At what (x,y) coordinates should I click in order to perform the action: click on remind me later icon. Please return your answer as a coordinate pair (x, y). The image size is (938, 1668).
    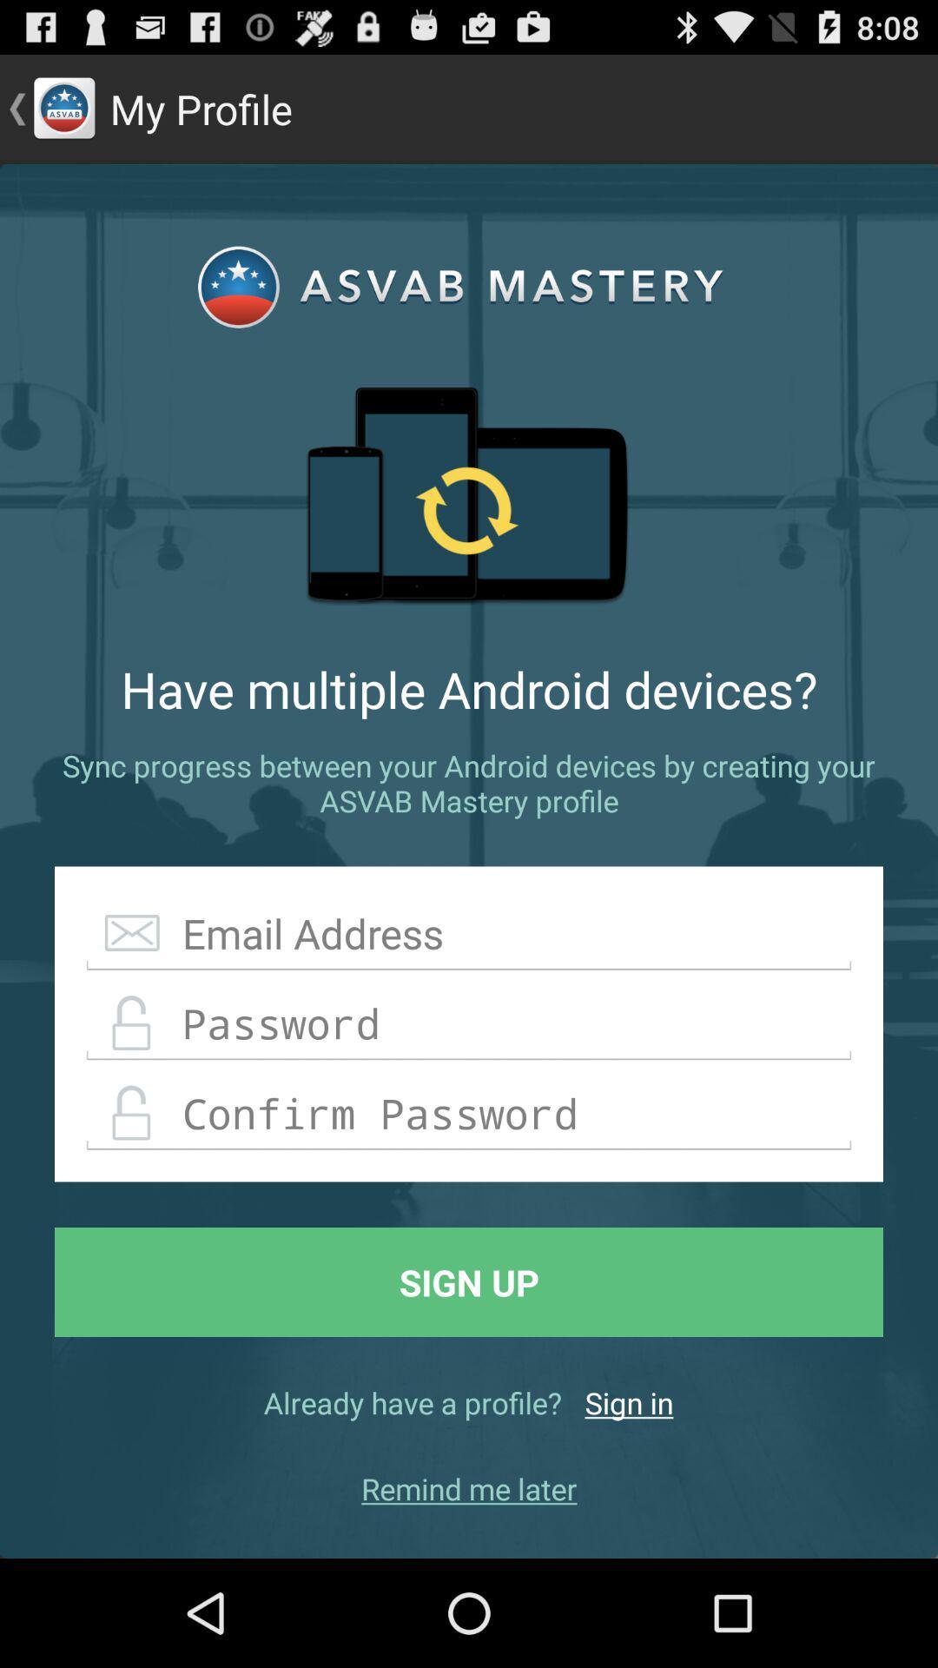
    Looking at the image, I should click on (469, 1487).